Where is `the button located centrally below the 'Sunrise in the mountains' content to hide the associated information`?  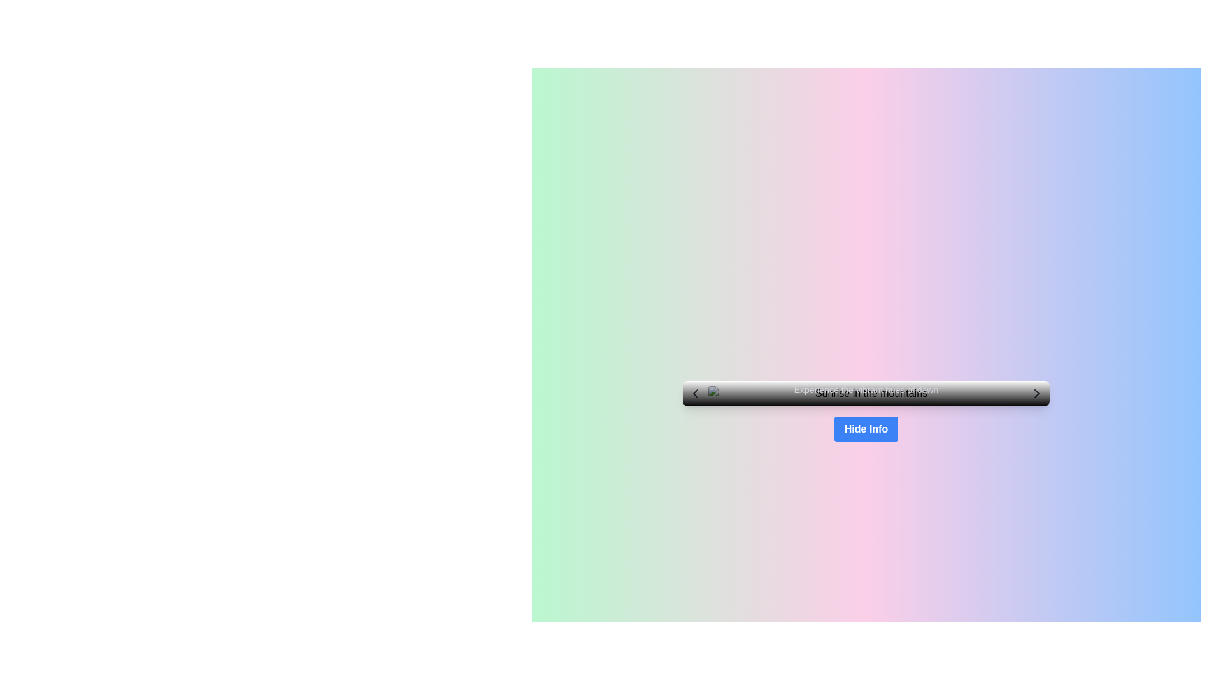
the button located centrally below the 'Sunrise in the mountains' content to hide the associated information is located at coordinates (866, 429).